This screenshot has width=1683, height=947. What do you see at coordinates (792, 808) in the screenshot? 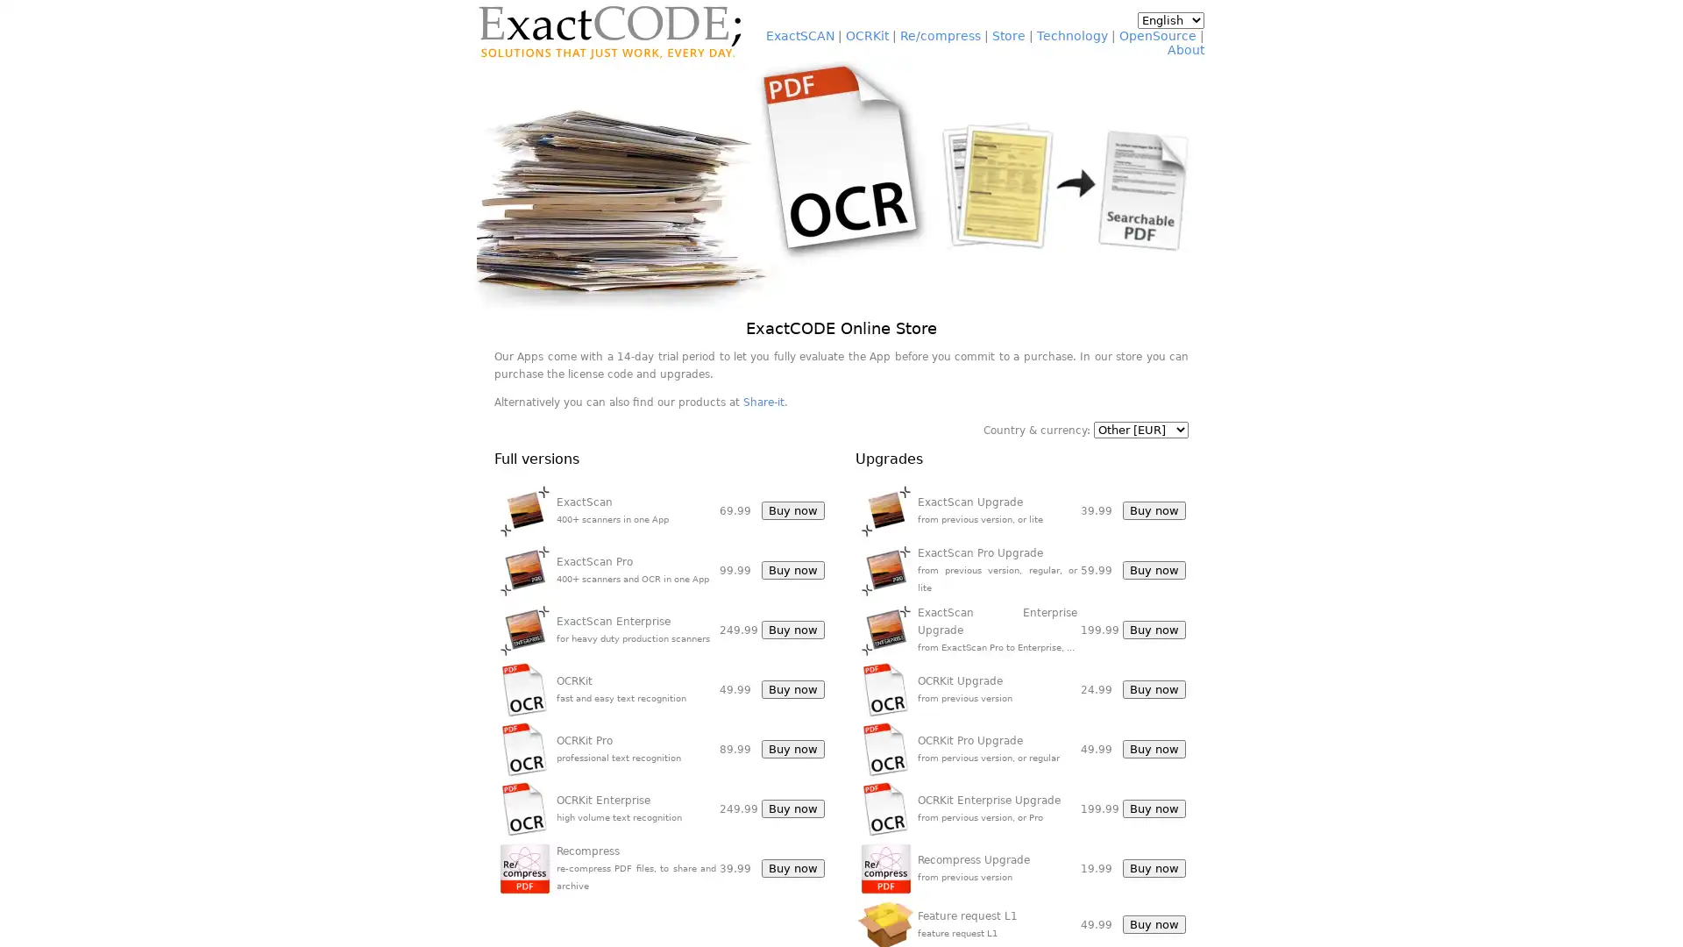
I see `Buy now` at bounding box center [792, 808].